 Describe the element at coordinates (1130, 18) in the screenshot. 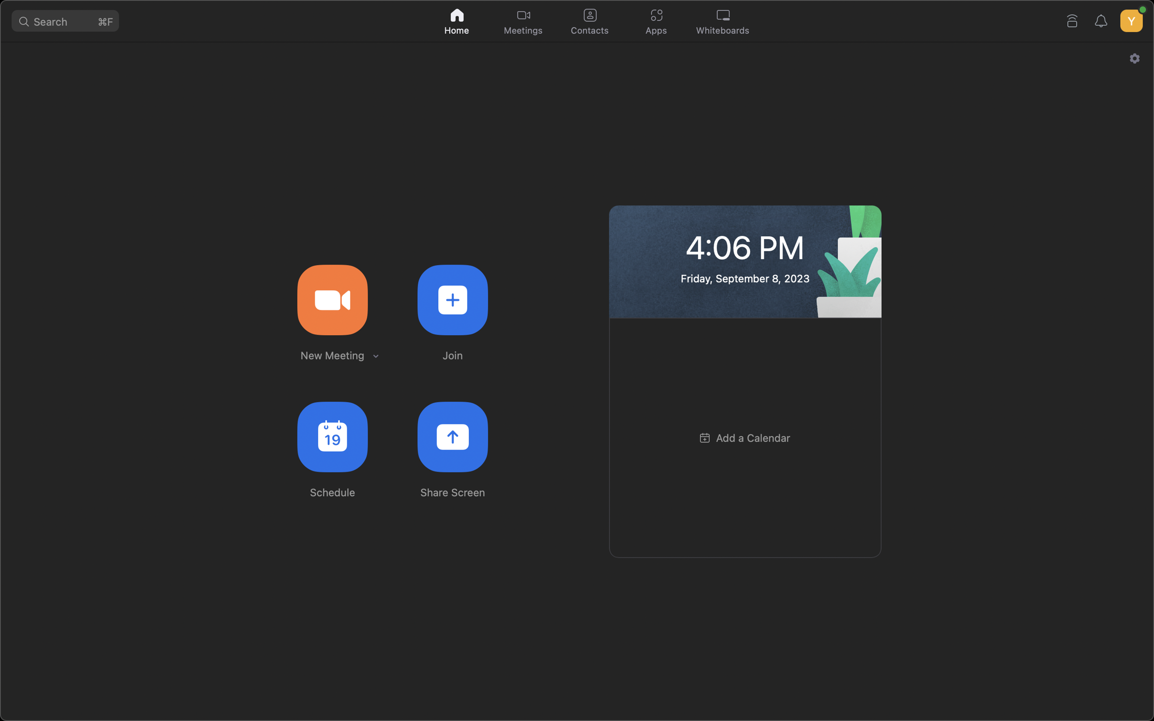

I see `your profile picture to reach your account settings` at that location.